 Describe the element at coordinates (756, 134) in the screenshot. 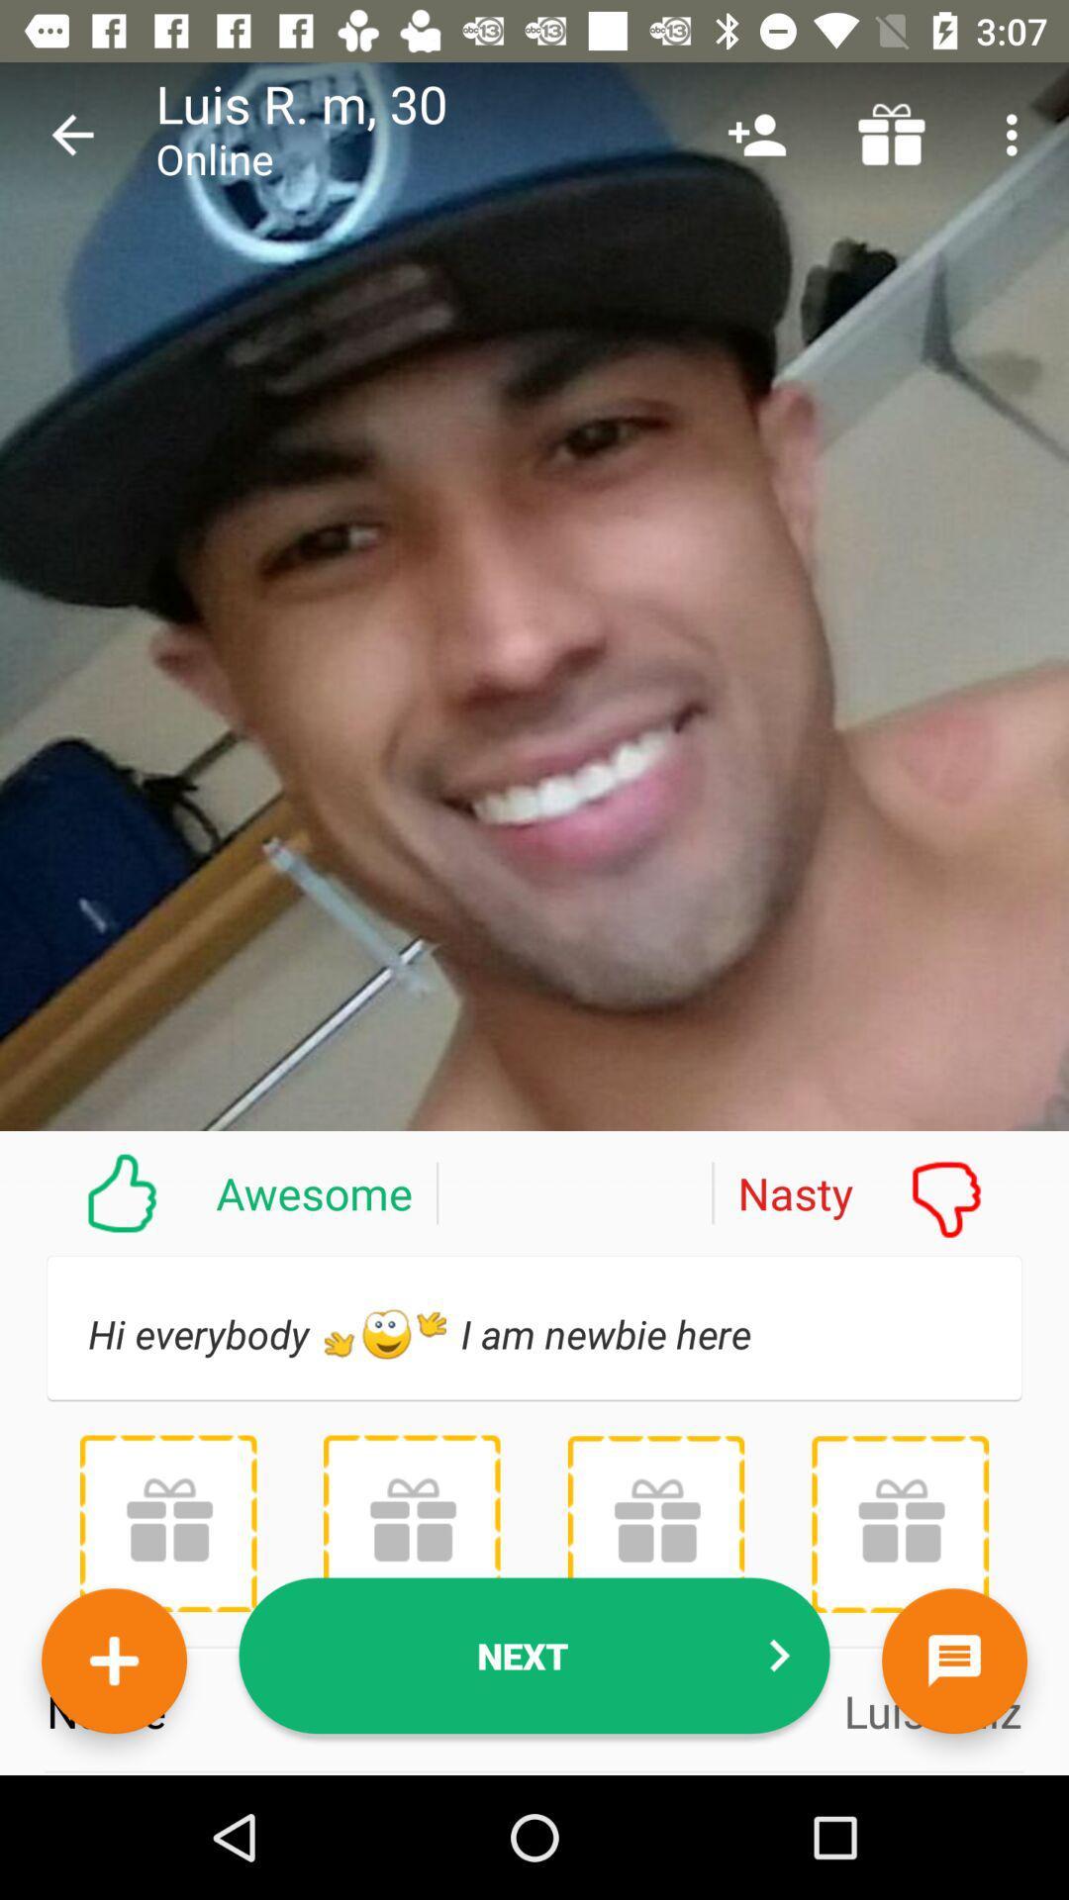

I see `the item above the nasty` at that location.